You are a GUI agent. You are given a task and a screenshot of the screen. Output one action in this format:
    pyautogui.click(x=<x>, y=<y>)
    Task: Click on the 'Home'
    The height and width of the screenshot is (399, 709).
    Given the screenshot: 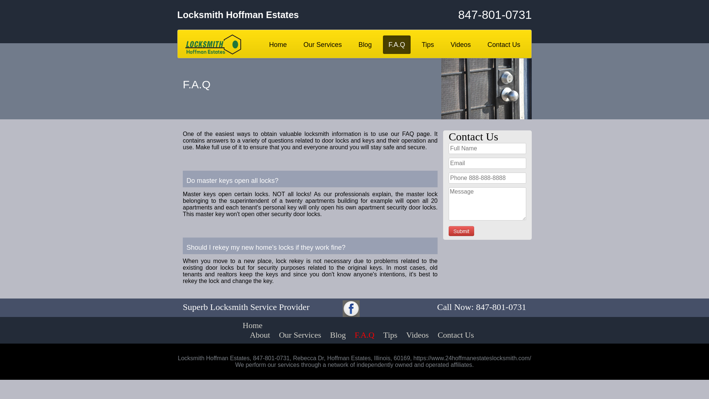 What is the action you would take?
    pyautogui.click(x=230, y=325)
    